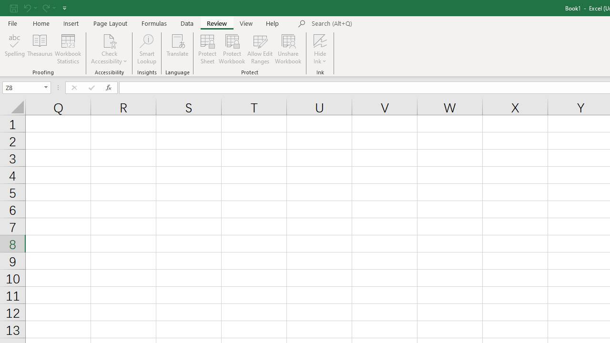 This screenshot has height=343, width=610. I want to click on 'Save', so click(14, 8).